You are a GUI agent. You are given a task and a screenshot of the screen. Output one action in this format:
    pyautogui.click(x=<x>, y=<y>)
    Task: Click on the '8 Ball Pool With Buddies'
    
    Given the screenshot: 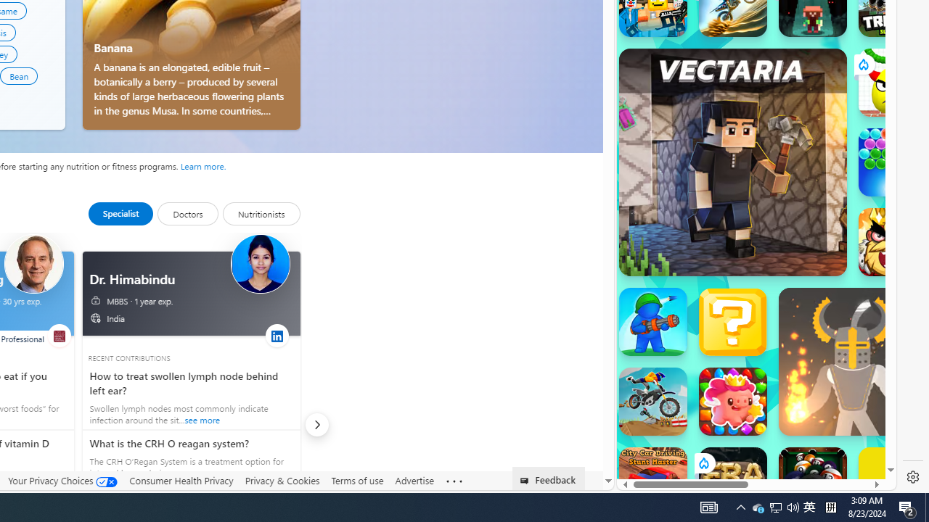 What is the action you would take?
    pyautogui.click(x=813, y=481)
    